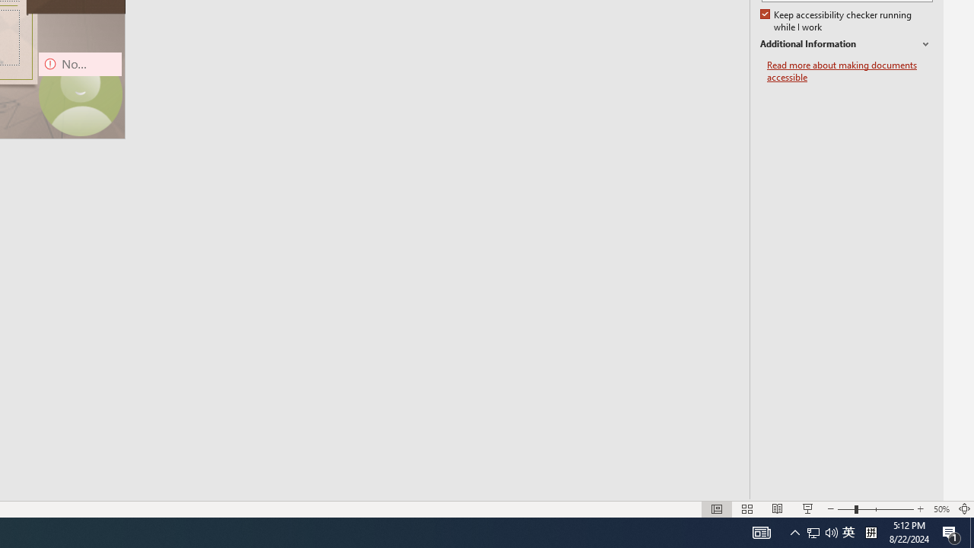 The width and height of the screenshot is (974, 548). What do you see at coordinates (849, 71) in the screenshot?
I see `'Read more about making documents accessible'` at bounding box center [849, 71].